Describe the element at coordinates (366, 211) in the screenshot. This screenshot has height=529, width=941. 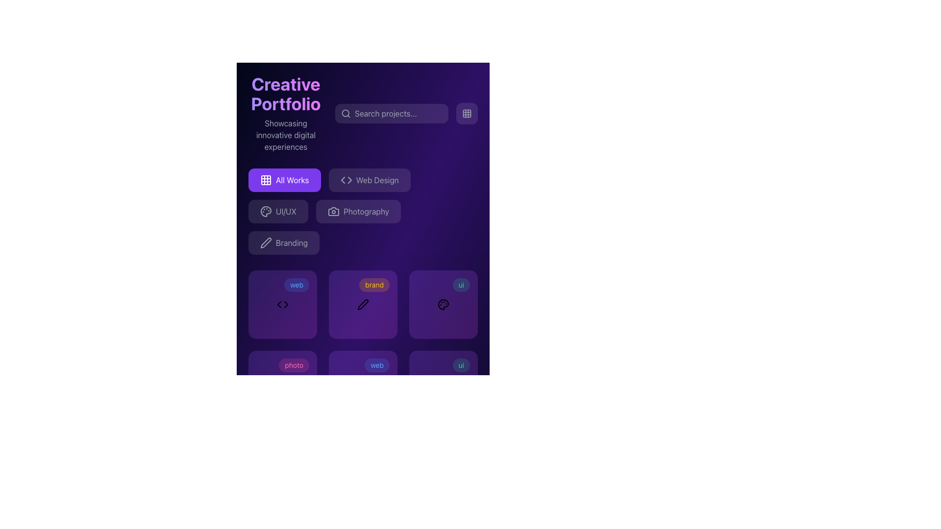
I see `text label representing the category or project named 'Photography' located in the second row and third column of buttons, adjacent to a camera icon` at that location.